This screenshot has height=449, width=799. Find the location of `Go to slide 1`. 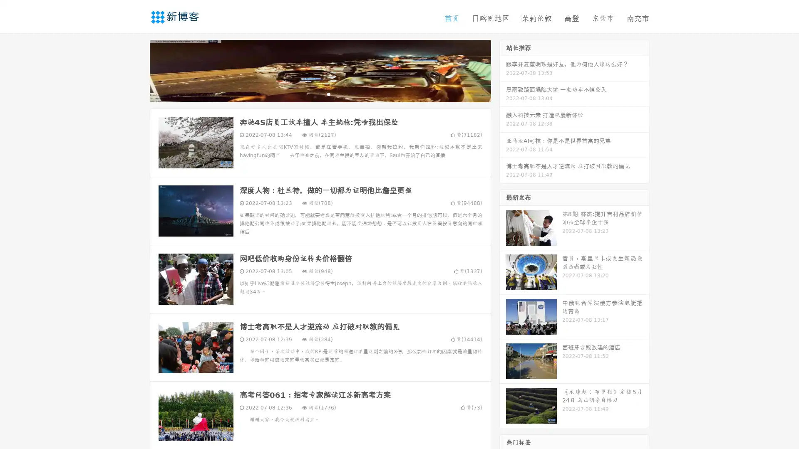

Go to slide 1 is located at coordinates (311, 94).